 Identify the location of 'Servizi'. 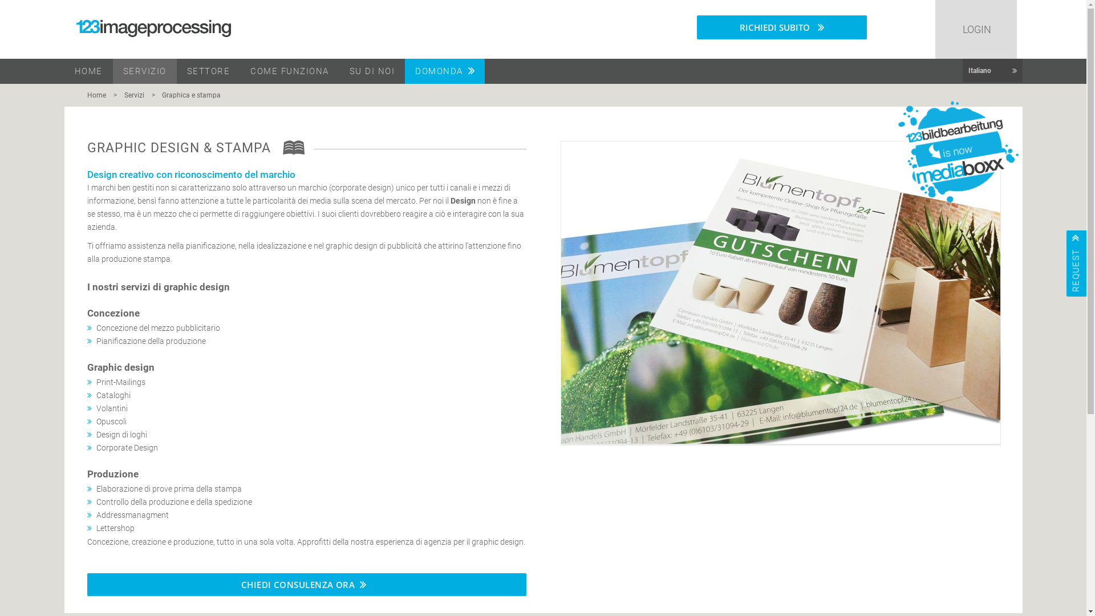
(118, 94).